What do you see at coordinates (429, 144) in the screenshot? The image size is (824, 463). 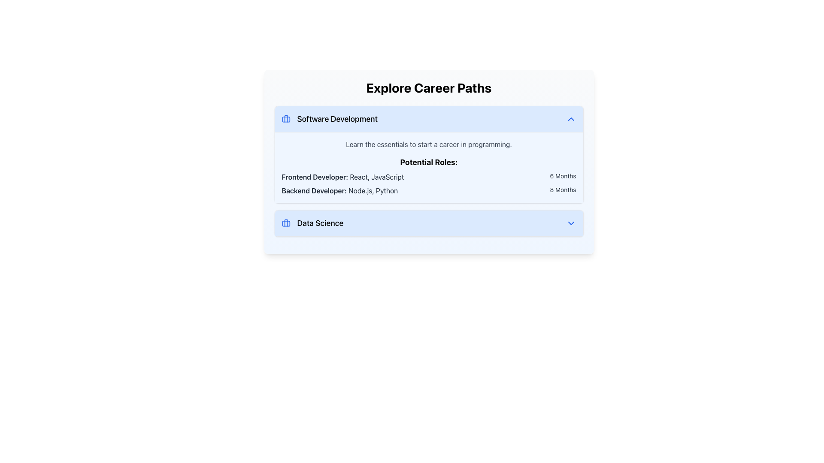 I see `the prominent static text label providing a summary related to programming careers, located in the light blue section labeled 'Software Development.'` at bounding box center [429, 144].